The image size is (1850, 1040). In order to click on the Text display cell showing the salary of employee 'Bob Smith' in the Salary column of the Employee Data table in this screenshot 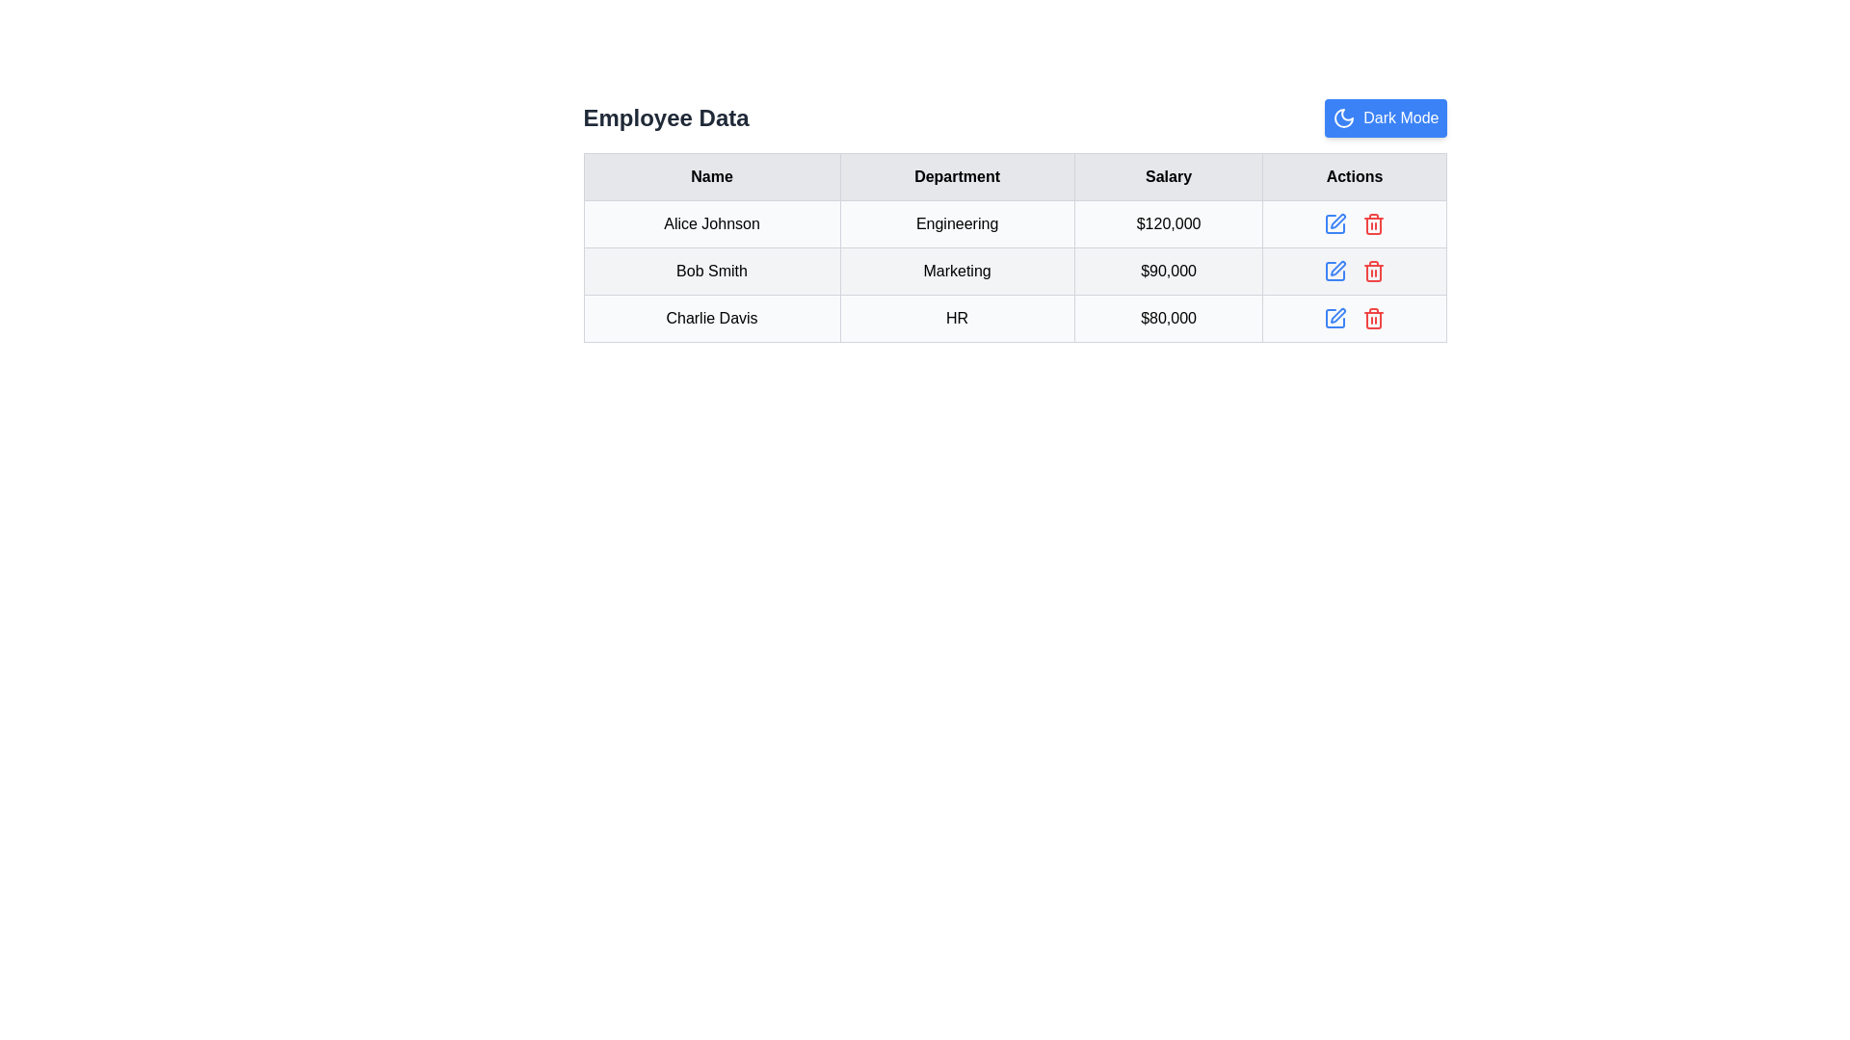, I will do `click(1168, 271)`.